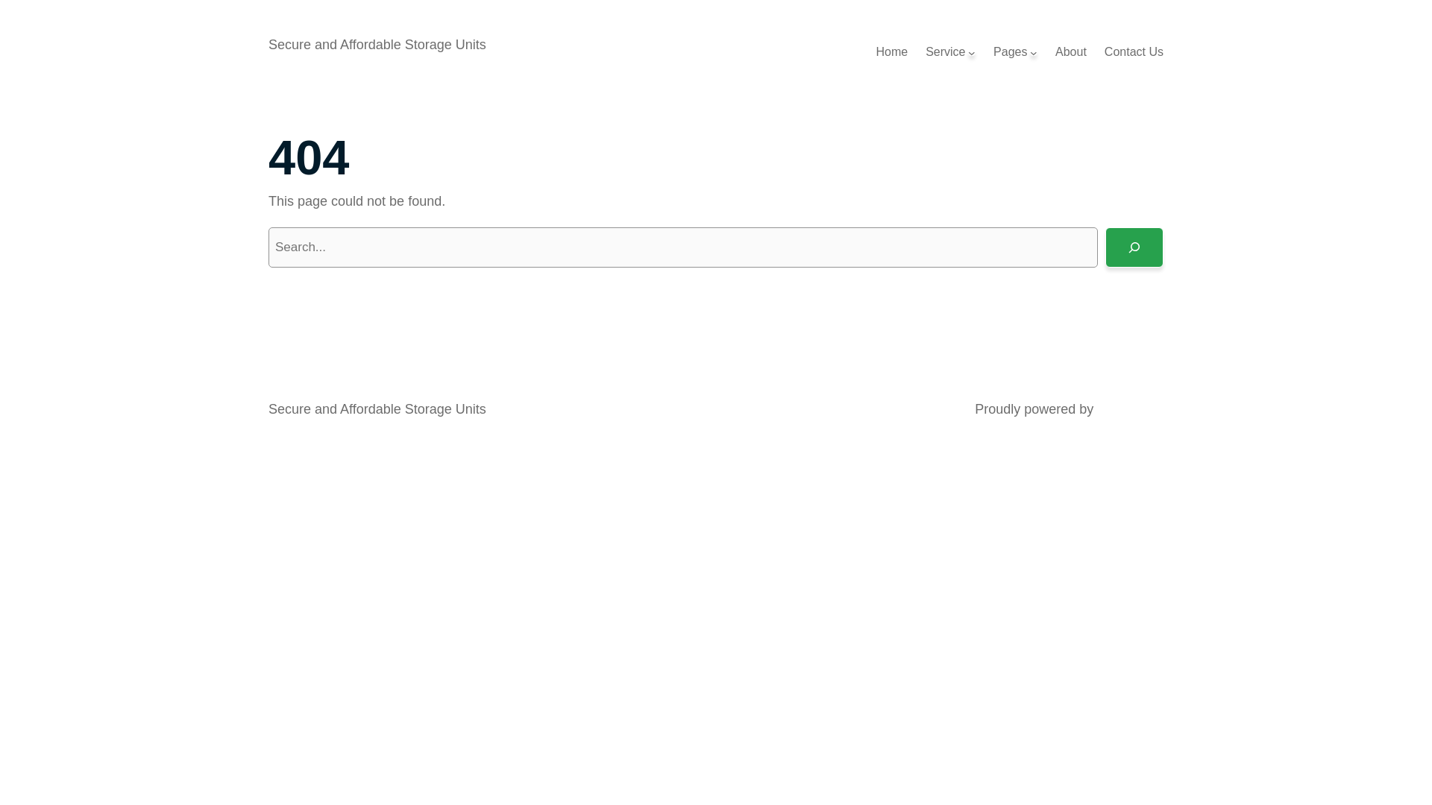 The image size is (1432, 805). I want to click on 'Secure and Affordable Storage Units', so click(377, 44).